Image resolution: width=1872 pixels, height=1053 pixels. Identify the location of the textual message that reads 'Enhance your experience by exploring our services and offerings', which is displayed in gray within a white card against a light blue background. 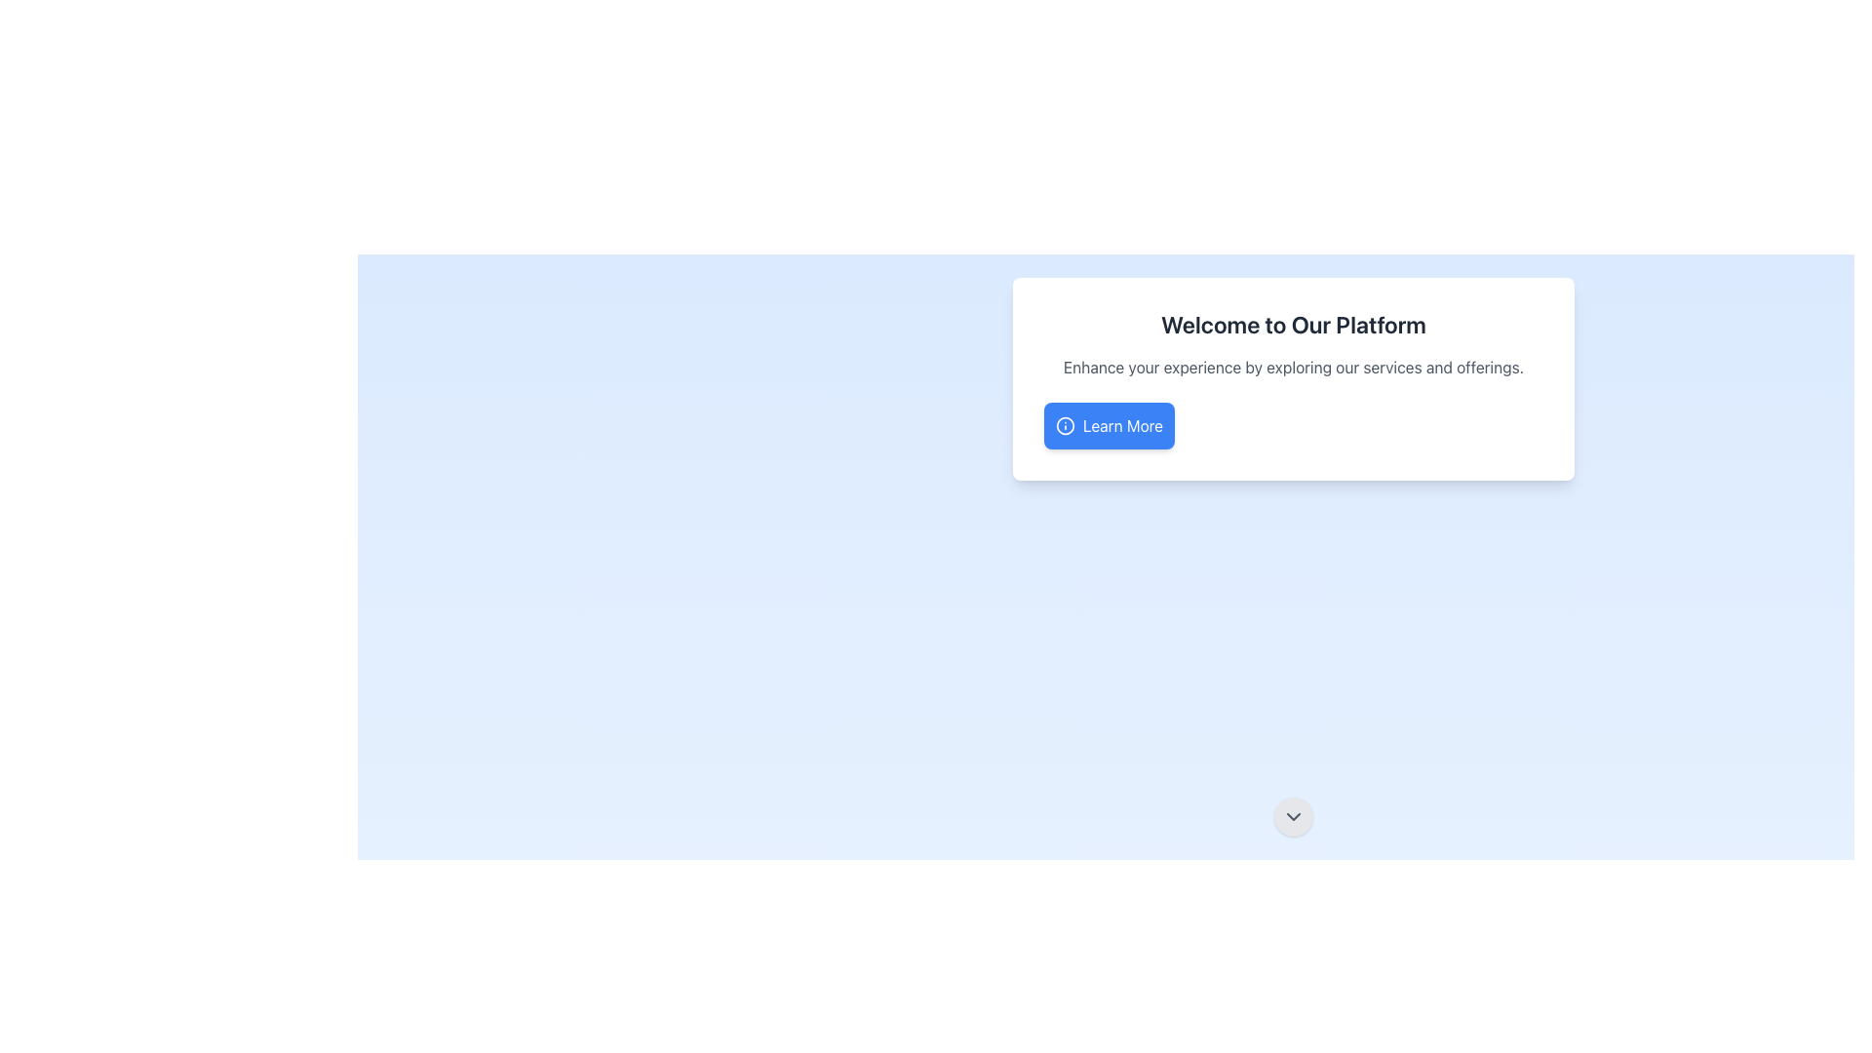
(1293, 368).